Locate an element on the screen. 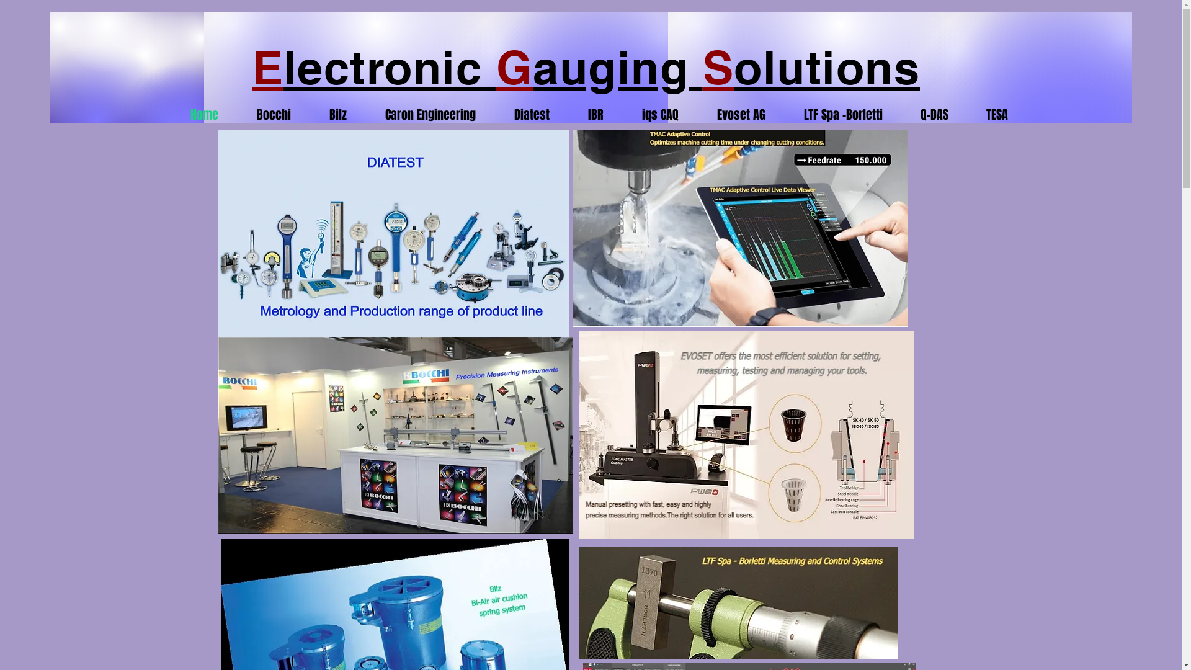 The height and width of the screenshot is (670, 1191). 'Bocchi' is located at coordinates (226, 115).